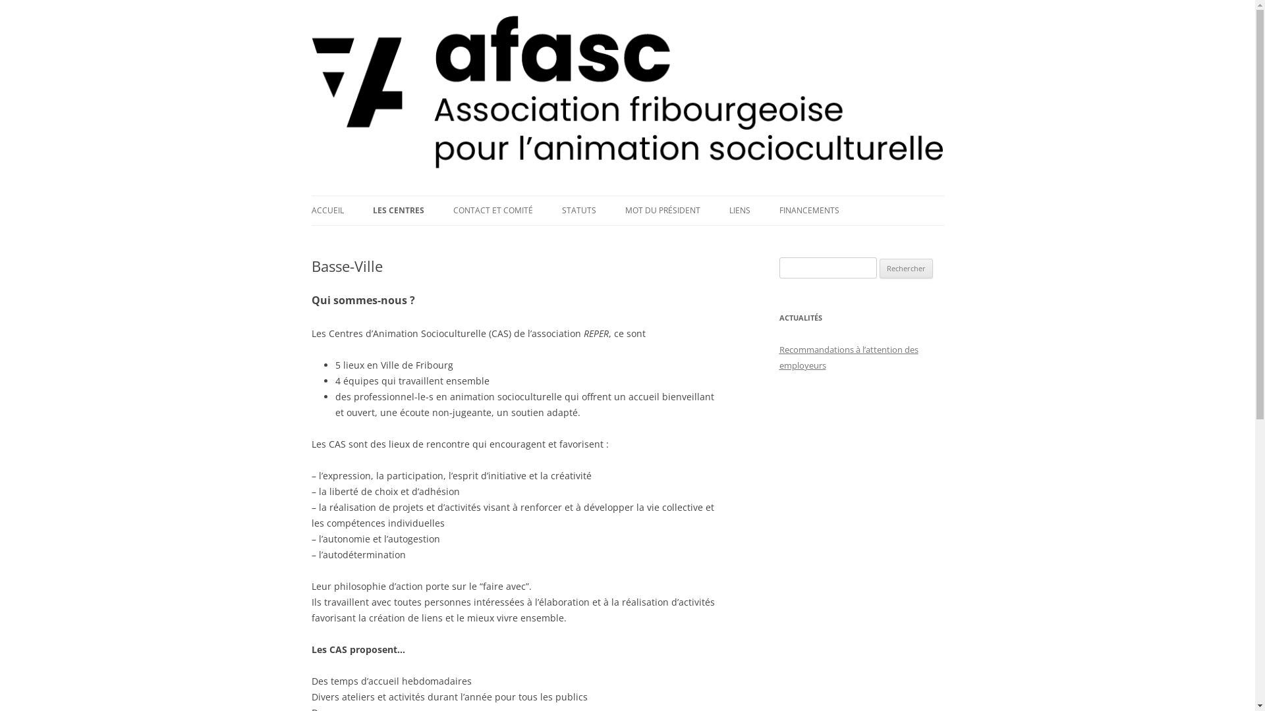 This screenshot has height=711, width=1265. What do you see at coordinates (561, 210) in the screenshot?
I see `'STATUTS'` at bounding box center [561, 210].